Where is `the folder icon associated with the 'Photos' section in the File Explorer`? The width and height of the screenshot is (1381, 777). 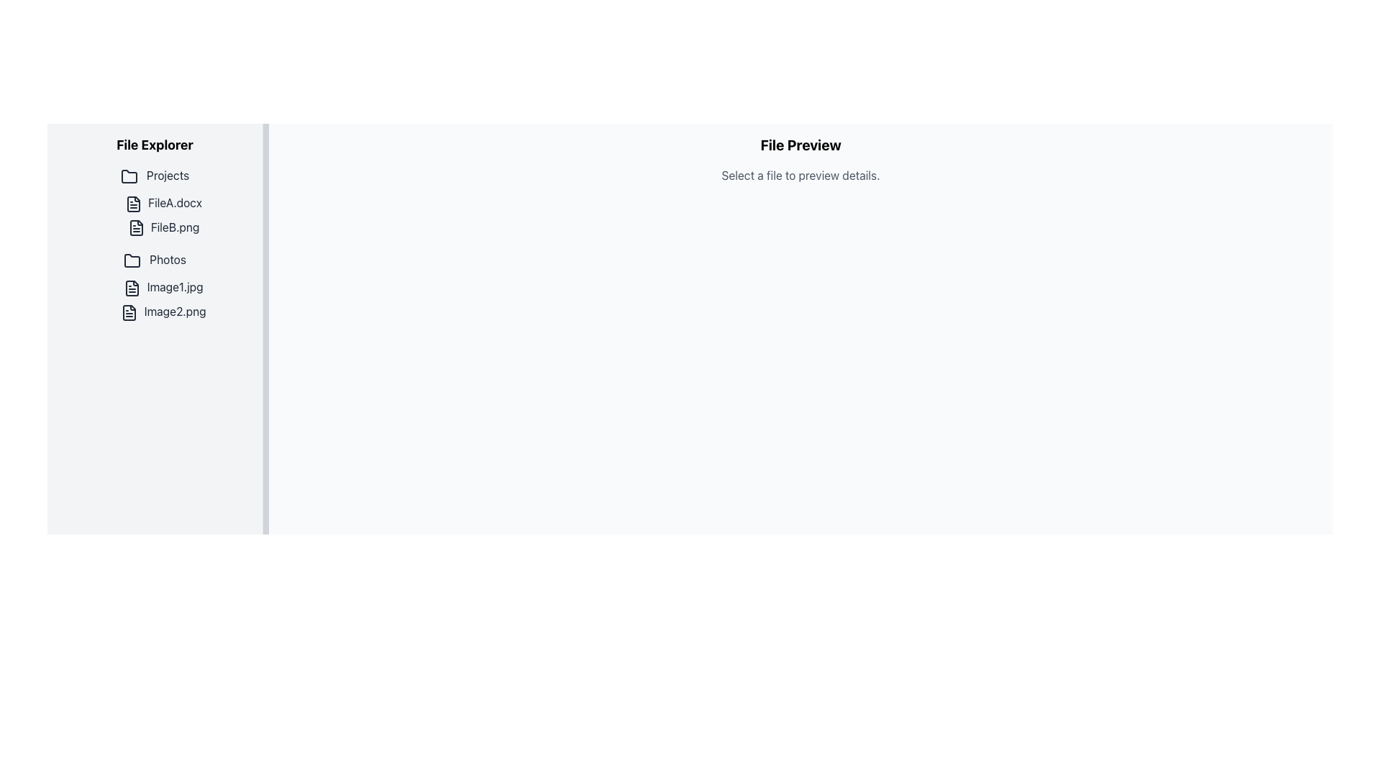
the folder icon associated with the 'Photos' section in the File Explorer is located at coordinates (132, 260).